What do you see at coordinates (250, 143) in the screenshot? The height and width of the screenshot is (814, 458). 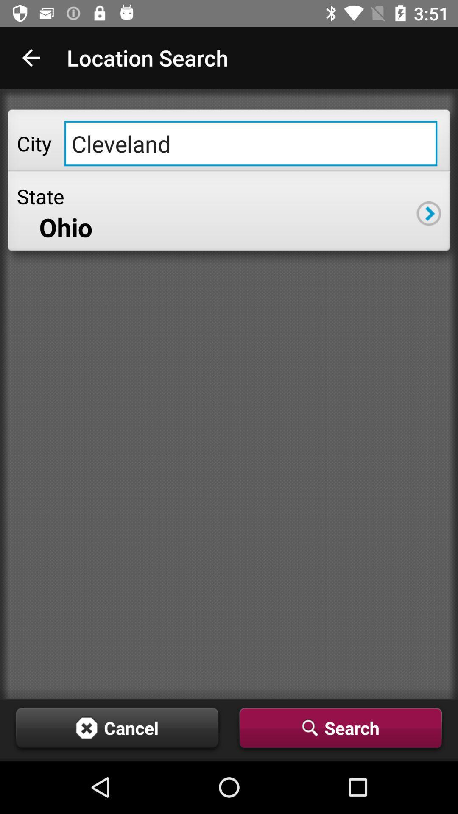 I see `cleveland` at bounding box center [250, 143].